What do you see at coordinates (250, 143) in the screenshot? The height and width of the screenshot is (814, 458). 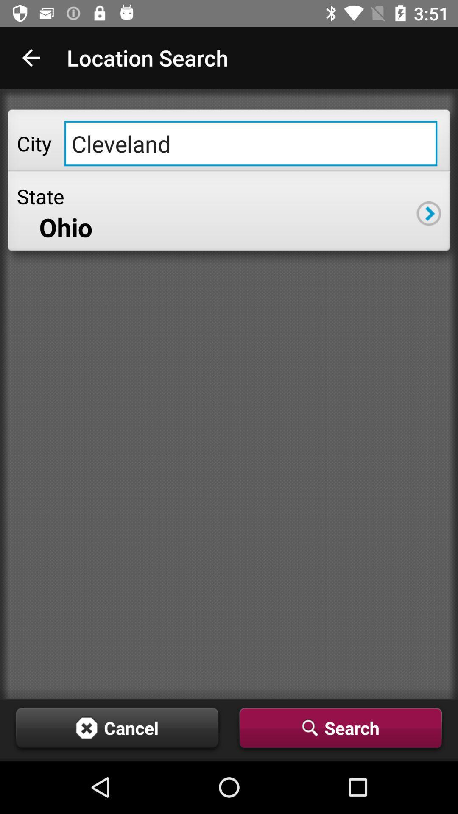 I see `cleveland` at bounding box center [250, 143].